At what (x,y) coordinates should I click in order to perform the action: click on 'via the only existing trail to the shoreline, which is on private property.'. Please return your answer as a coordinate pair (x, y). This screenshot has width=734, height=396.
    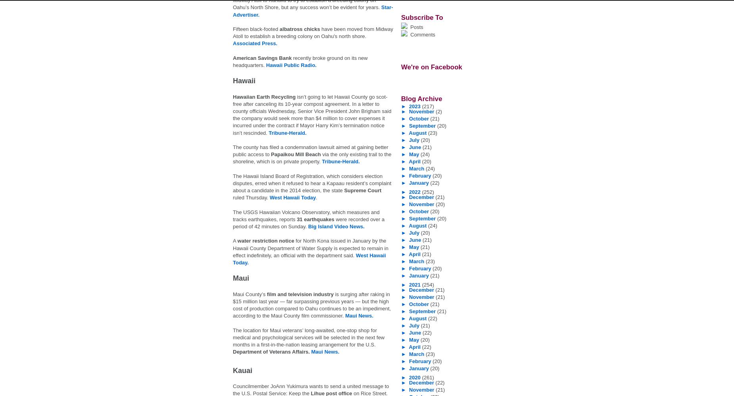
    Looking at the image, I should click on (312, 157).